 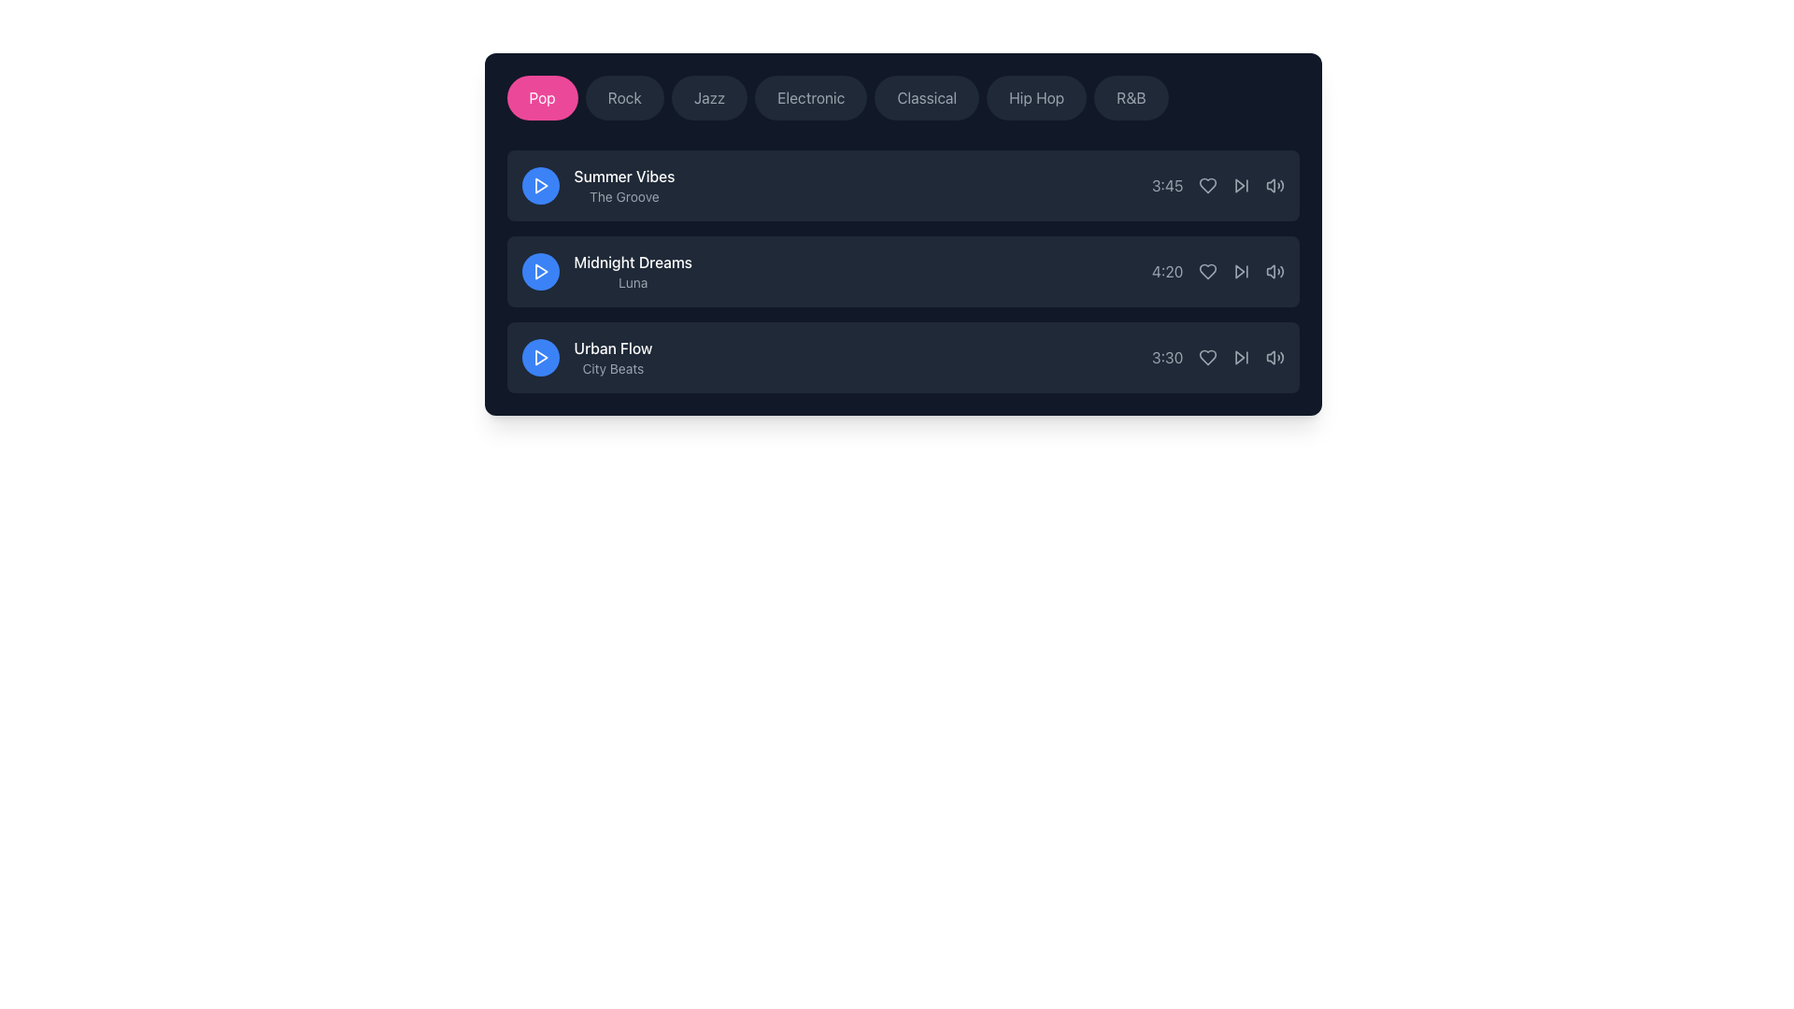 What do you see at coordinates (624, 186) in the screenshot?
I see `displayed text in the Text Display that shows 'Summer Vibes' in bold white font and 'The Groove' in smaller gray font, located to the right of the play button in the first entry of the song list` at bounding box center [624, 186].